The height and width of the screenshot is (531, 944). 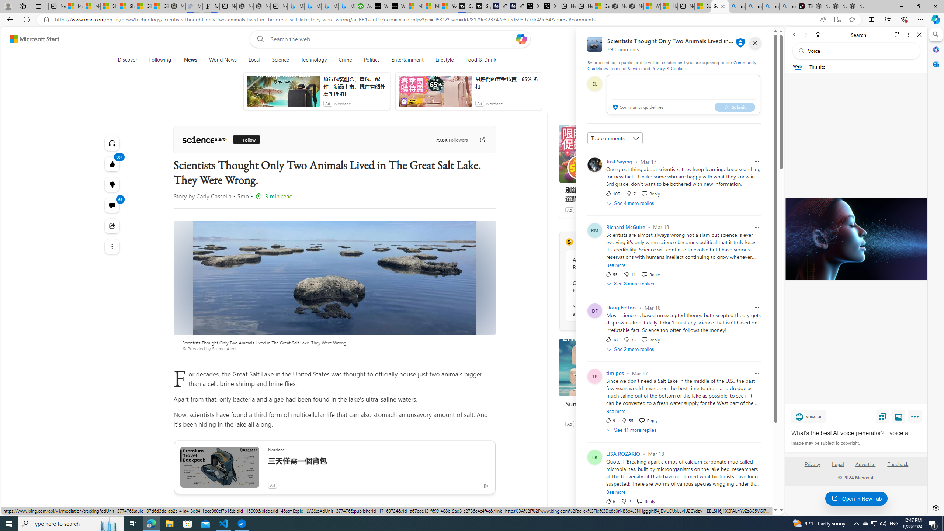 I want to click on 'Feedback', so click(x=898, y=467).